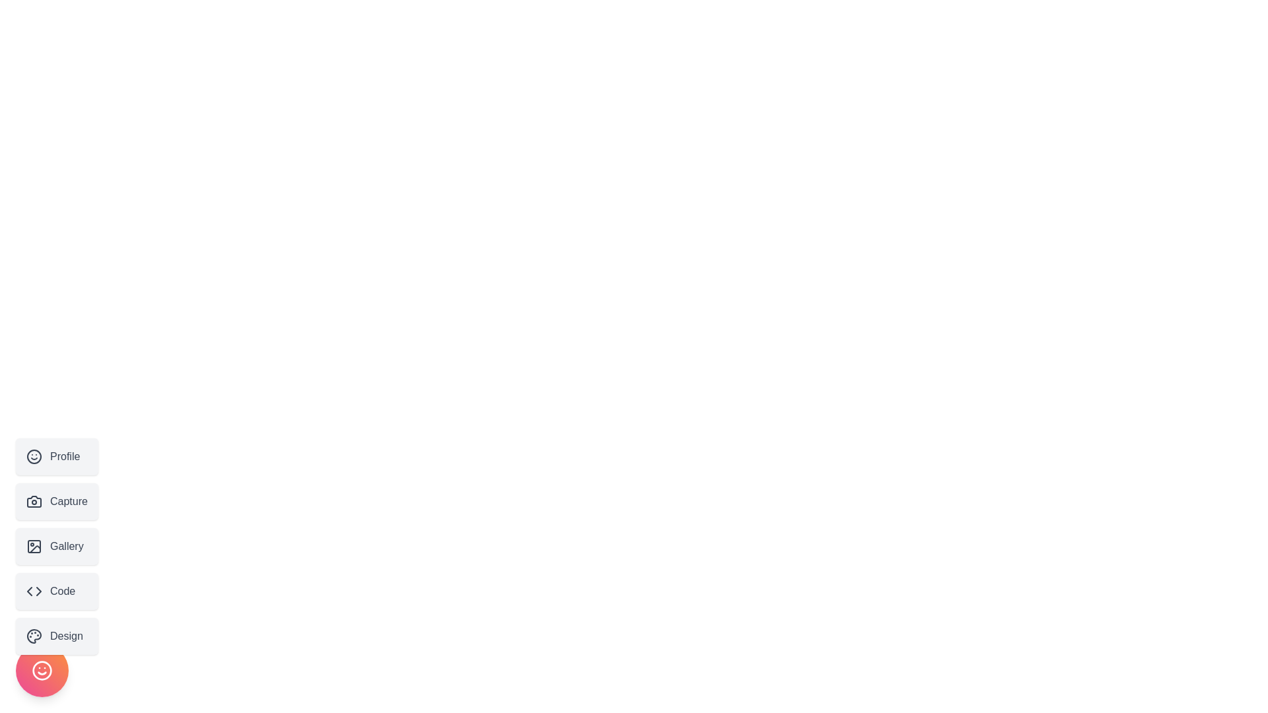 The width and height of the screenshot is (1268, 713). What do you see at coordinates (56, 547) in the screenshot?
I see `the Gallery button located below the Capture button and above the Code button` at bounding box center [56, 547].